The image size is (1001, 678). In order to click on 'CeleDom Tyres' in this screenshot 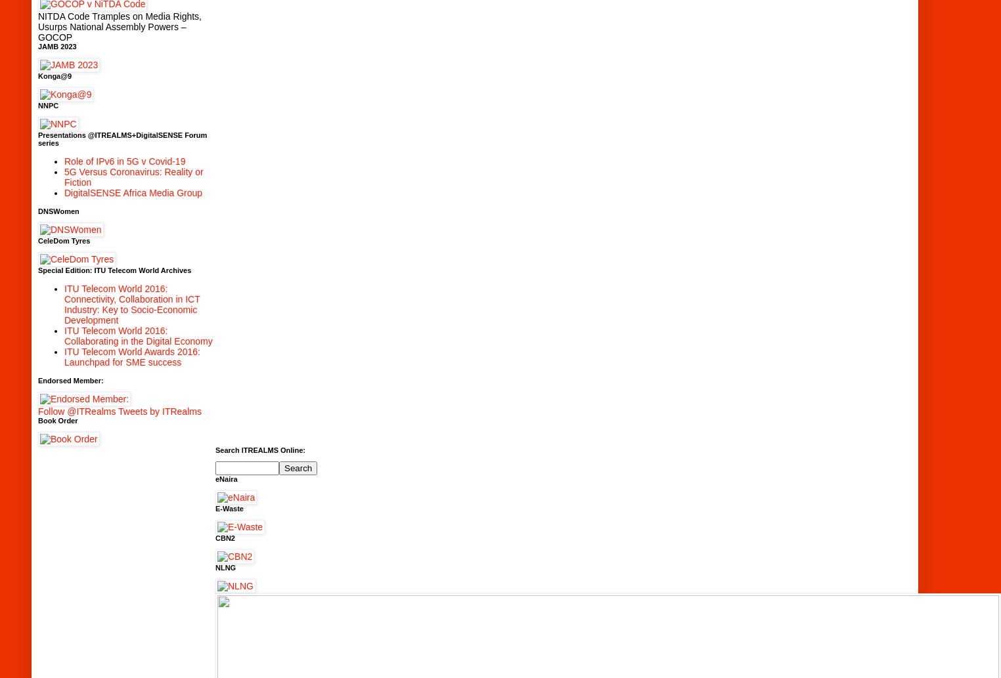, I will do `click(64, 240)`.